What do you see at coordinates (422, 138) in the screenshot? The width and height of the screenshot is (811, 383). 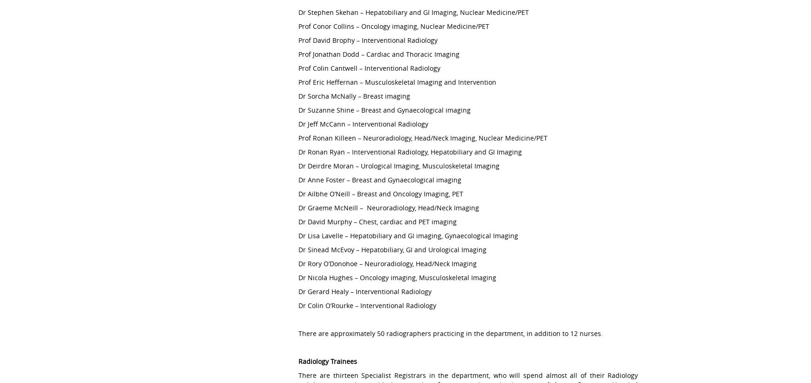 I see `'Prof Ronan Killeen – Neuroradiology, Head/Neck Imaging, Nuclear Medicine/PET'` at bounding box center [422, 138].